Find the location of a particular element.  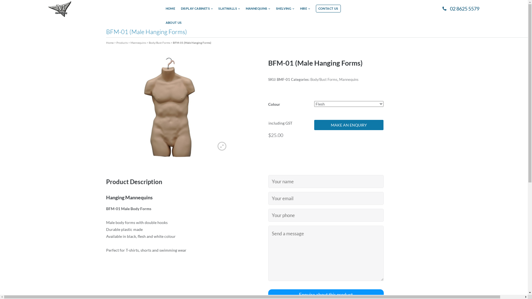

'MANNEQUINS' is located at coordinates (258, 10).